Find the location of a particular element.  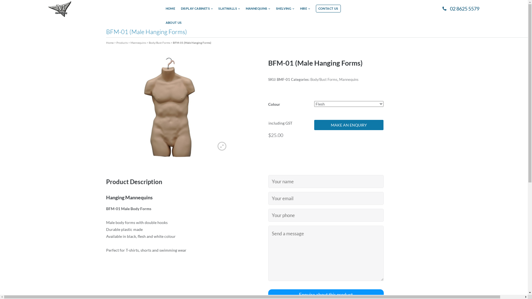

'MANNEQUINS' is located at coordinates (258, 10).